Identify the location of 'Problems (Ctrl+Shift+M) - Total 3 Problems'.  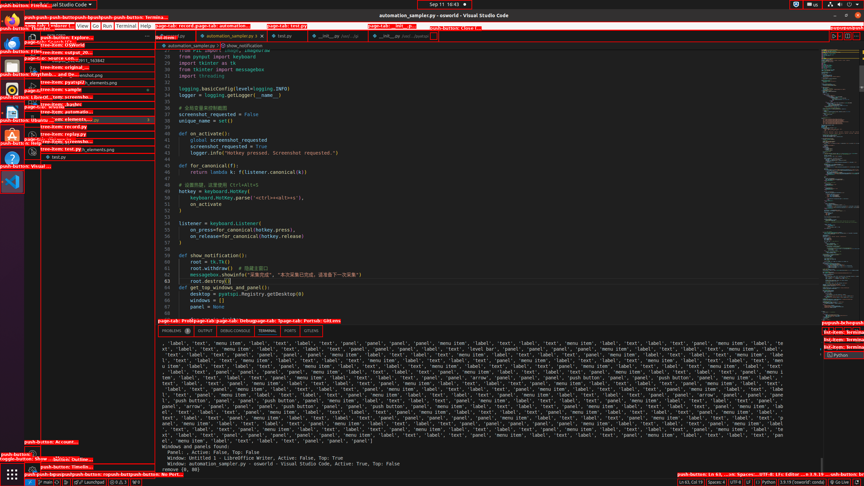
(176, 331).